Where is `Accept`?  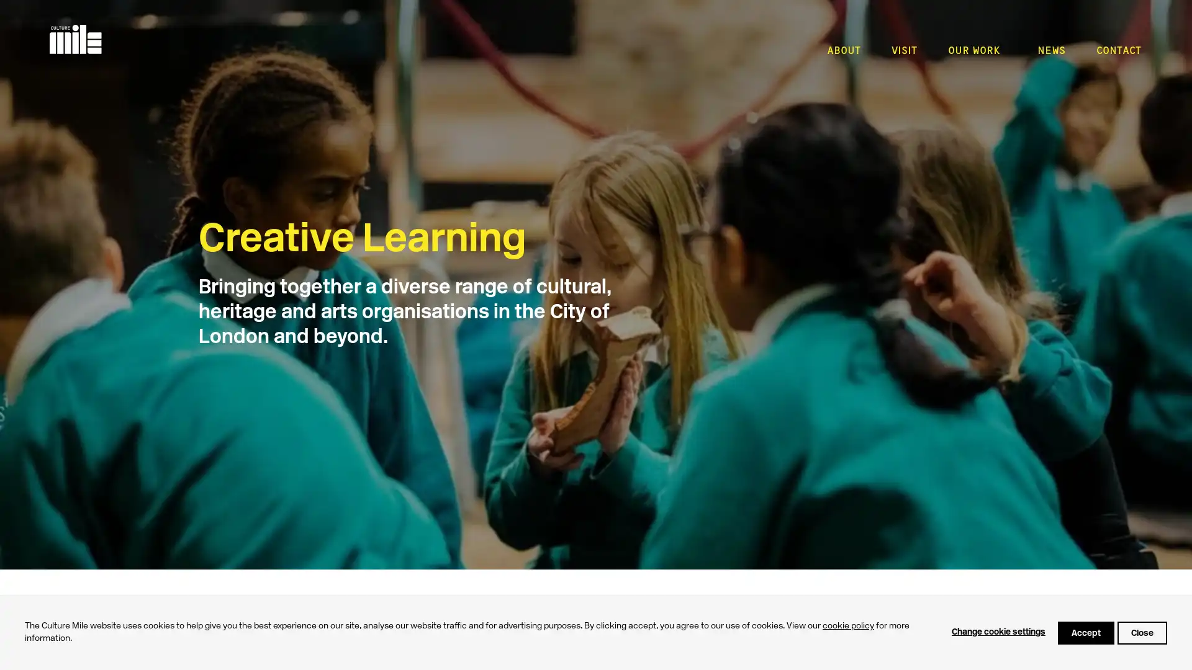 Accept is located at coordinates (1085, 632).